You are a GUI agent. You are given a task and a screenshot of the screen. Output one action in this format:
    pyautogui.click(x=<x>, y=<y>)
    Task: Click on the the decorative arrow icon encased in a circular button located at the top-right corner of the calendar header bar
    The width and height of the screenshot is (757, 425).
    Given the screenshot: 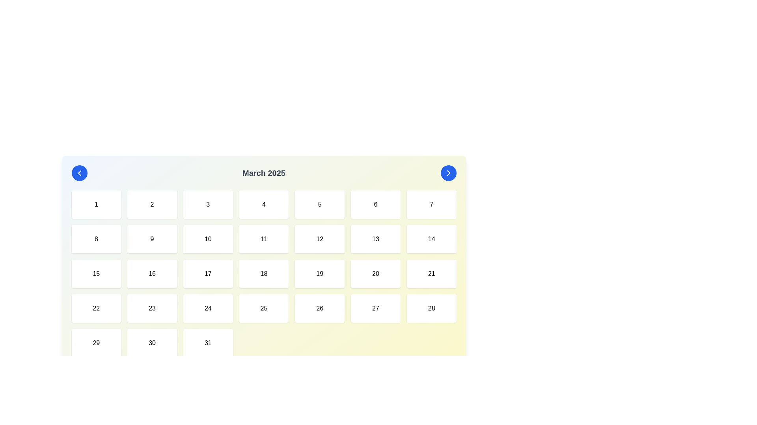 What is the action you would take?
    pyautogui.click(x=448, y=172)
    